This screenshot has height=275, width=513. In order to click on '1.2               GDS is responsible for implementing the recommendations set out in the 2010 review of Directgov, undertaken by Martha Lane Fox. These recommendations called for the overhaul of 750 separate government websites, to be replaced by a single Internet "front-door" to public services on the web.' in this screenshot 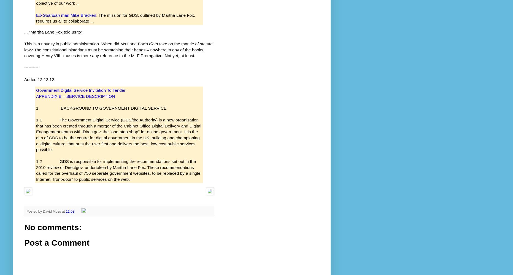, I will do `click(118, 170)`.